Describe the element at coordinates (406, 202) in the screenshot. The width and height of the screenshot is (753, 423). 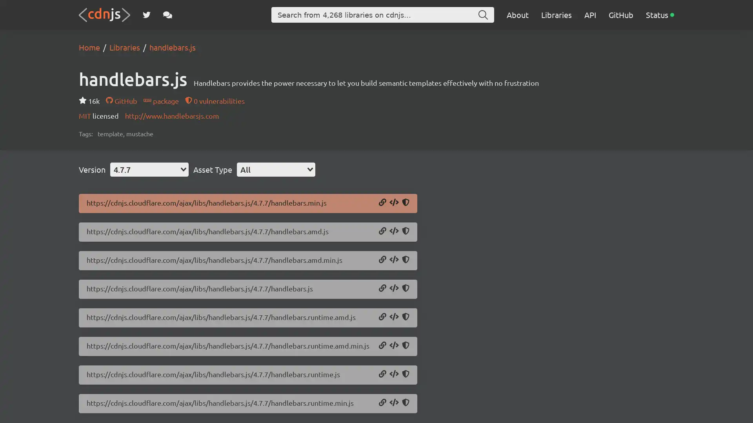
I see `Copy SRI Hash` at that location.